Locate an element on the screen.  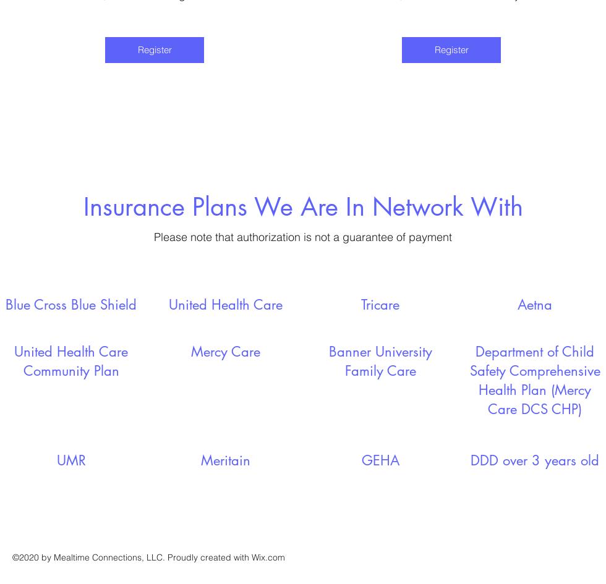
'Please note that authorization is not a guarantee of payment' is located at coordinates (154, 235).